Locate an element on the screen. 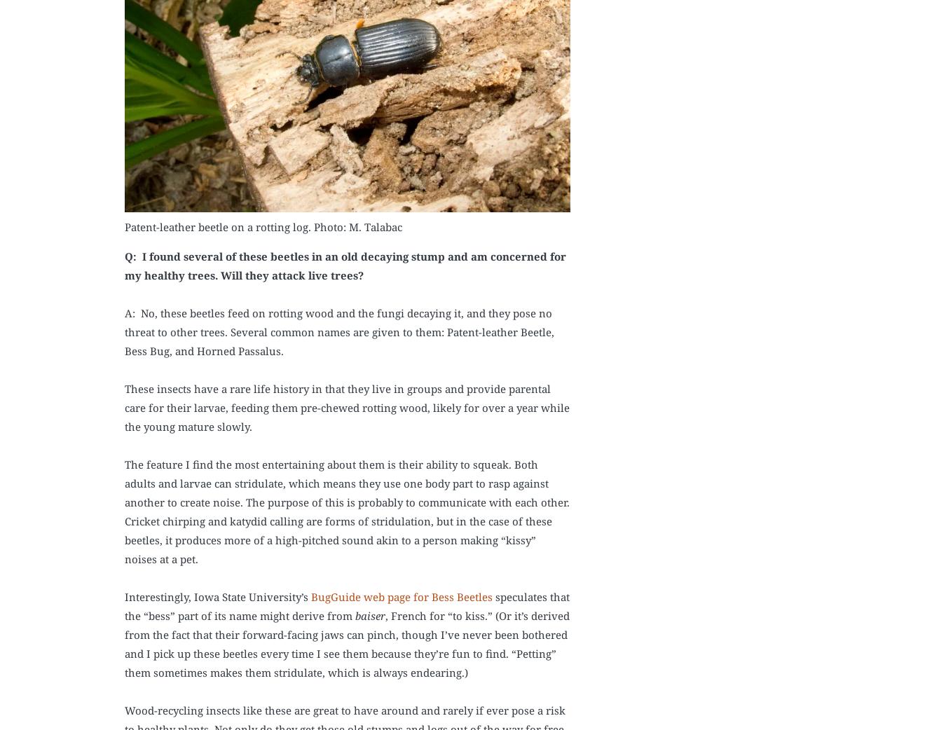 The image size is (946, 730). 'baiser' is located at coordinates (369, 614).